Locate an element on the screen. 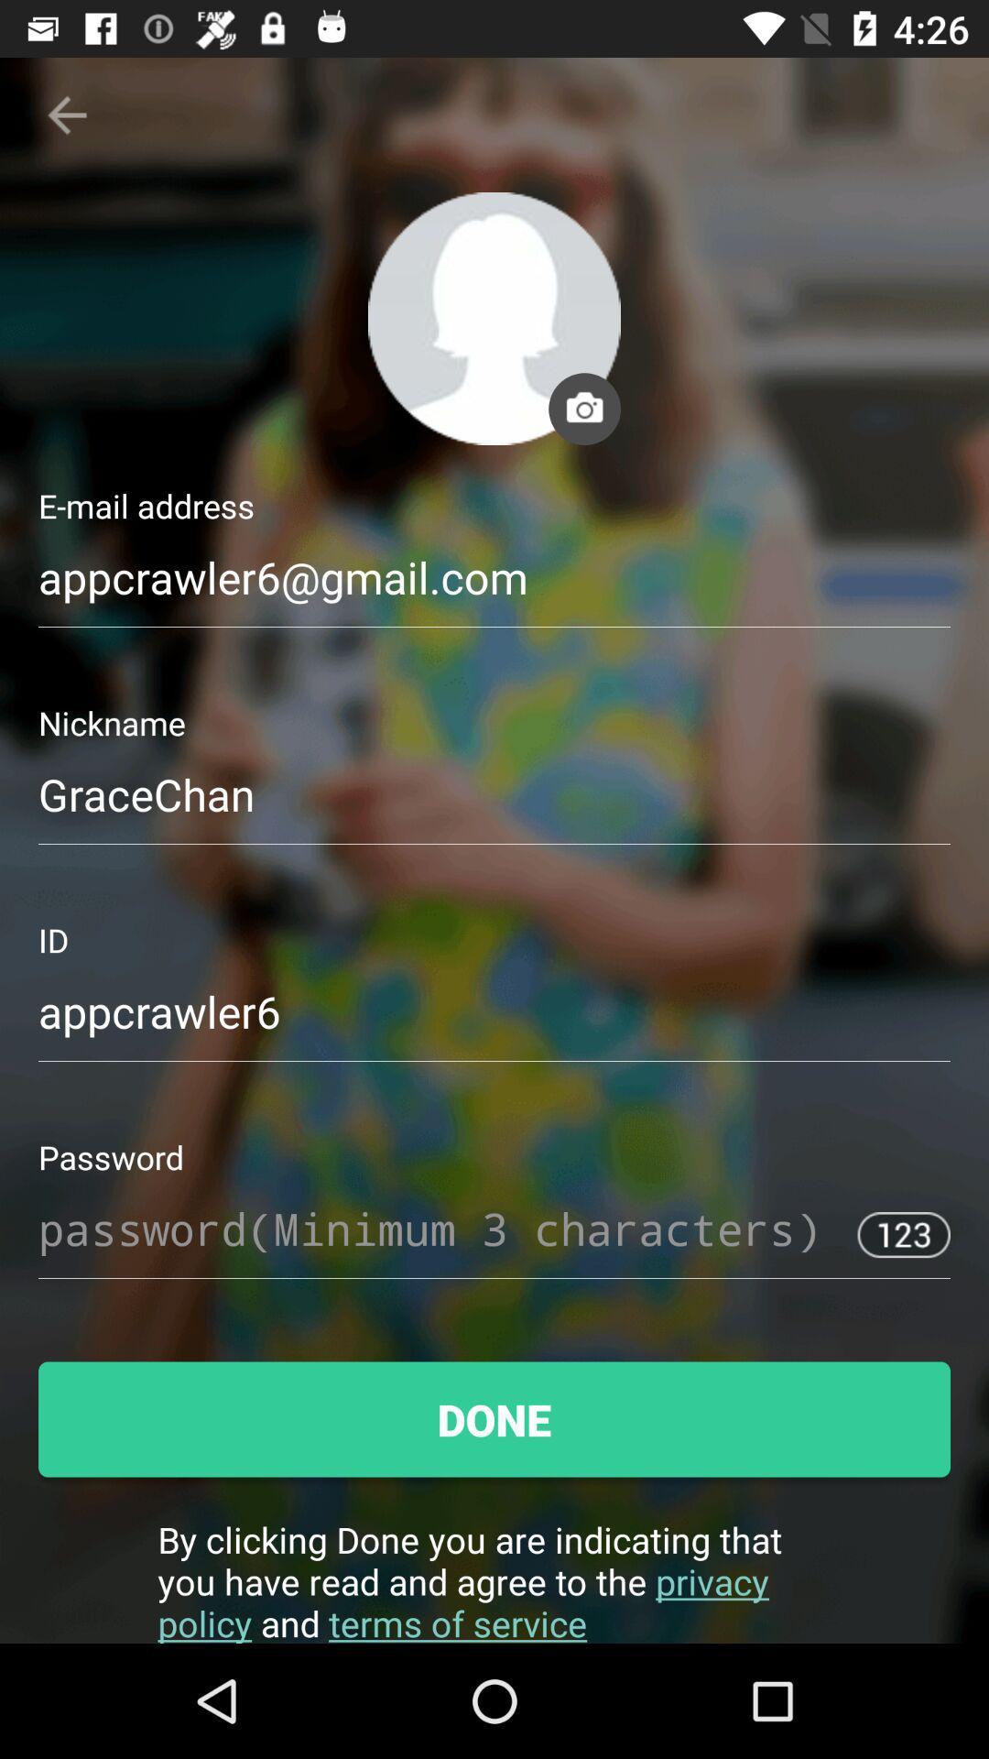 The image size is (989, 1759). the text below the text id on the web page is located at coordinates (494, 1021).